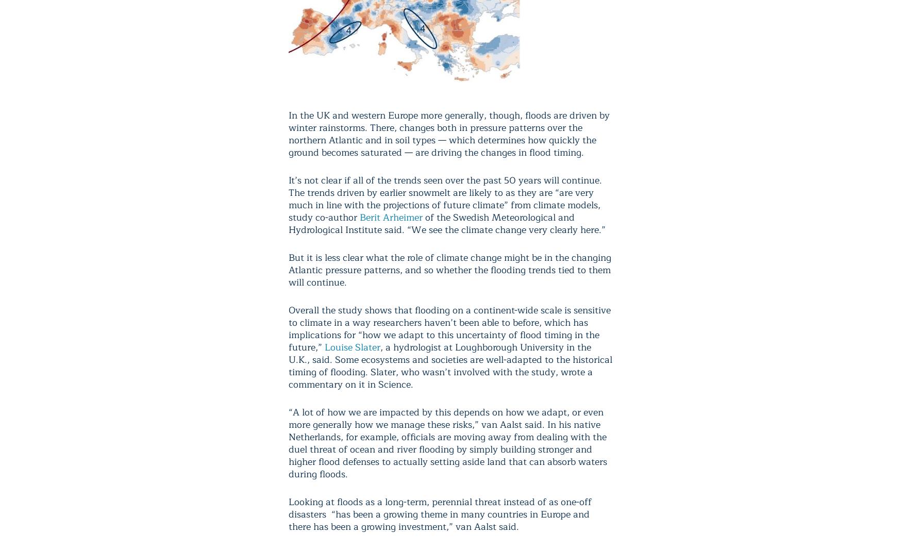 This screenshot has width=902, height=551. I want to click on 'Berit Arheimer', so click(390, 216).